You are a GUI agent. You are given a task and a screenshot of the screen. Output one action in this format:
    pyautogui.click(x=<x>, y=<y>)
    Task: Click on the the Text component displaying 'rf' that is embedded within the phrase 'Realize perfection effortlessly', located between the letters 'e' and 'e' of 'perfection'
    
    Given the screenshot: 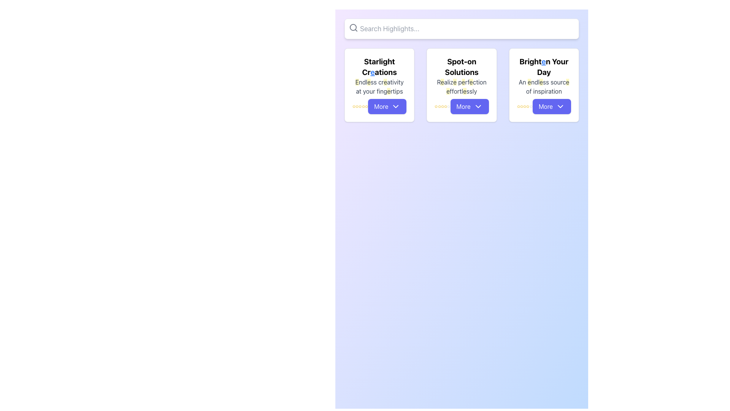 What is the action you would take?
    pyautogui.click(x=467, y=82)
    